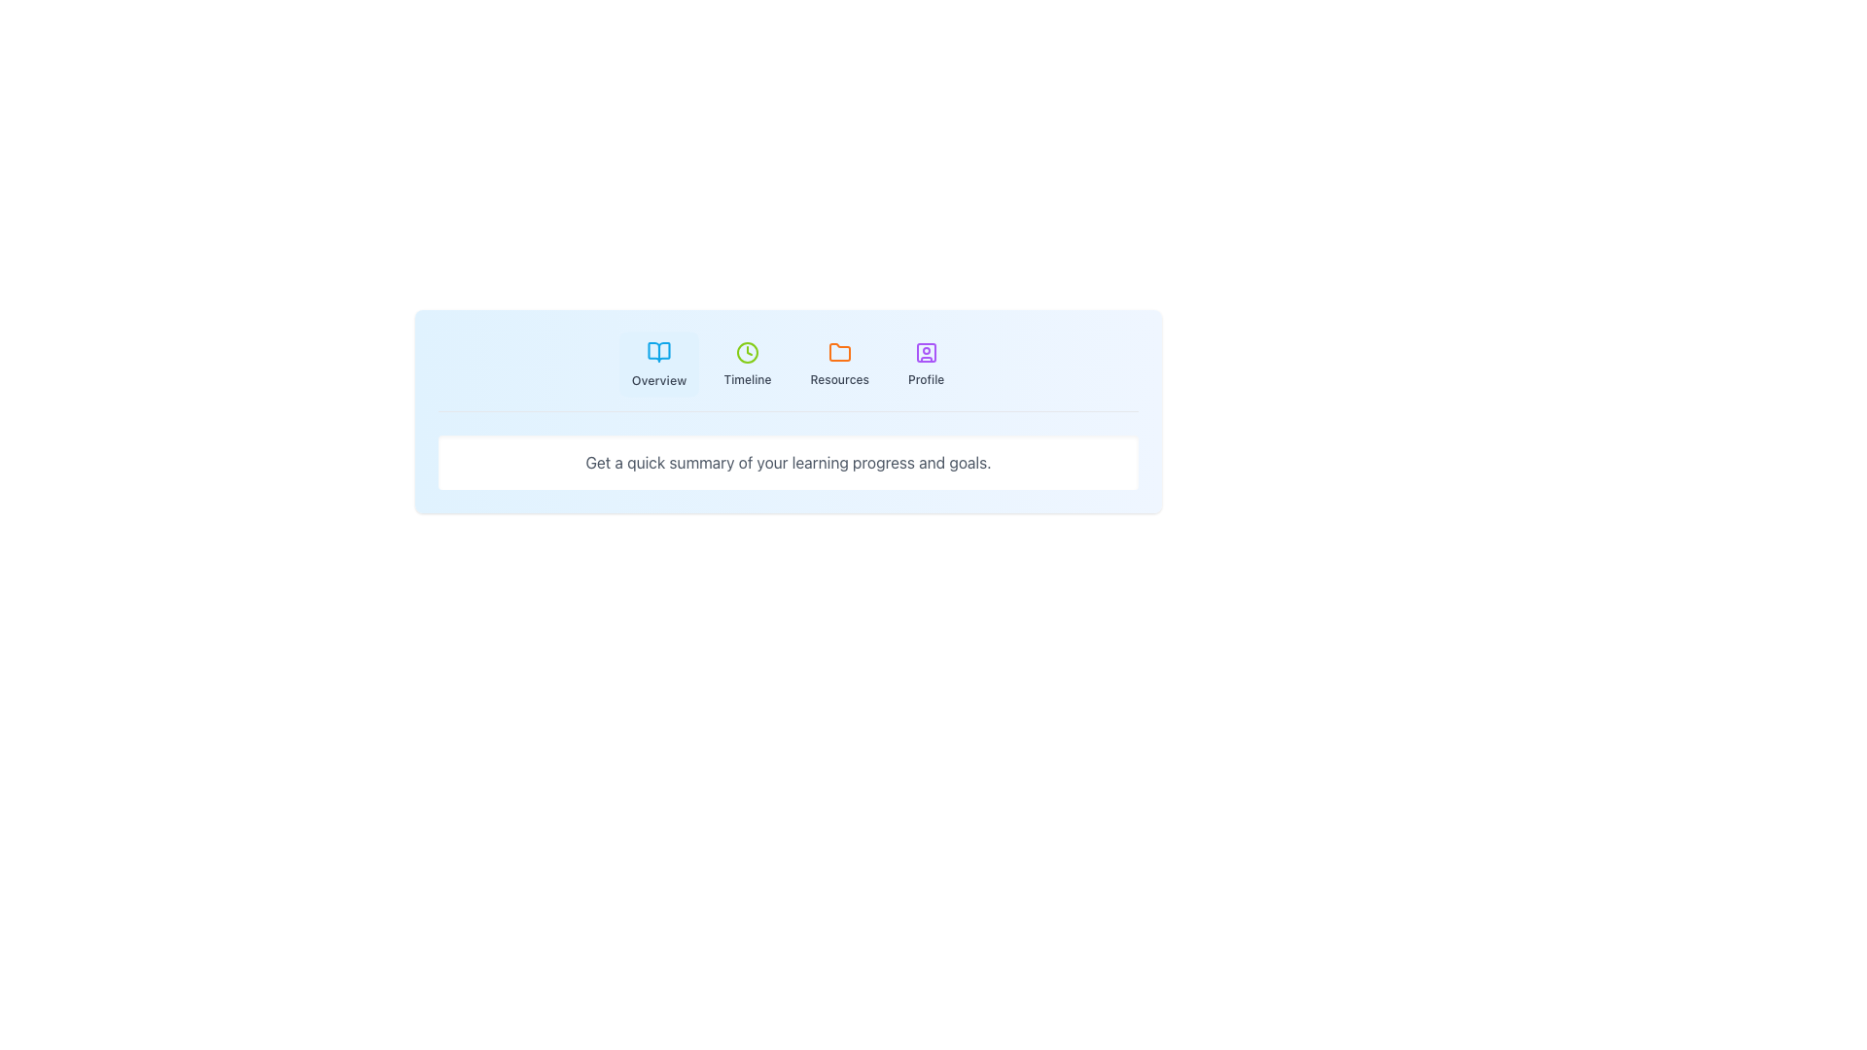 The image size is (1867, 1050). Describe the element at coordinates (658, 364) in the screenshot. I see `the first button in the horizontal row that navigates to the 'Overview' section located at the top center of the interface` at that location.